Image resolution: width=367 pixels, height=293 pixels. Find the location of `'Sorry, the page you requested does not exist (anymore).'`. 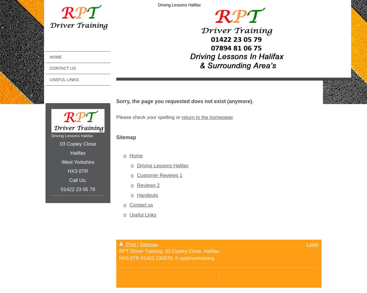

'Sorry, the page you requested does not exist (anymore).' is located at coordinates (185, 101).